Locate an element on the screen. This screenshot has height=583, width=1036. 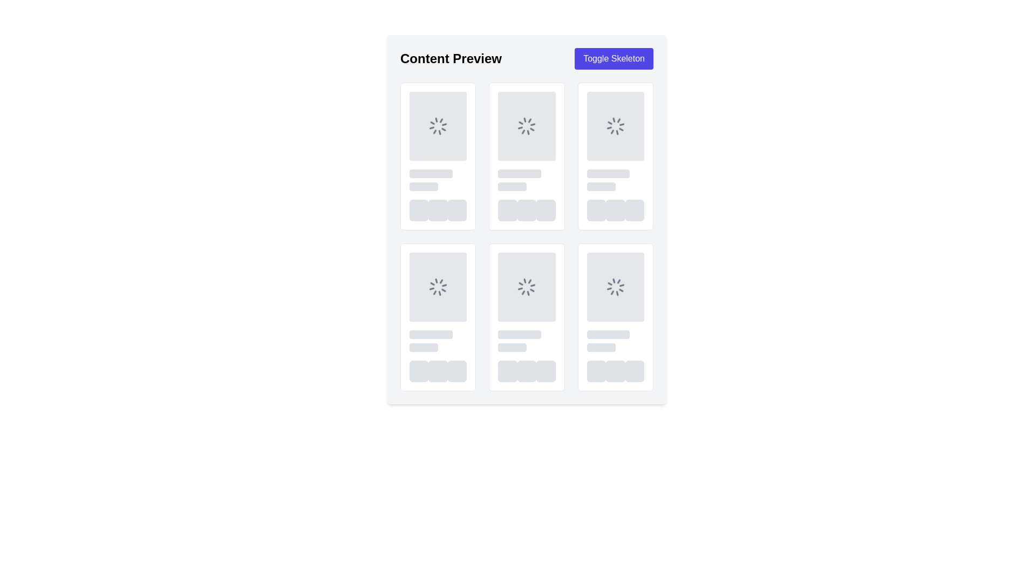
the Loader animation or spinner component located in the upper part of the interface, specifically inside the third box in the first row of a grid layout, to indicate loading or processing is located at coordinates (615, 126).